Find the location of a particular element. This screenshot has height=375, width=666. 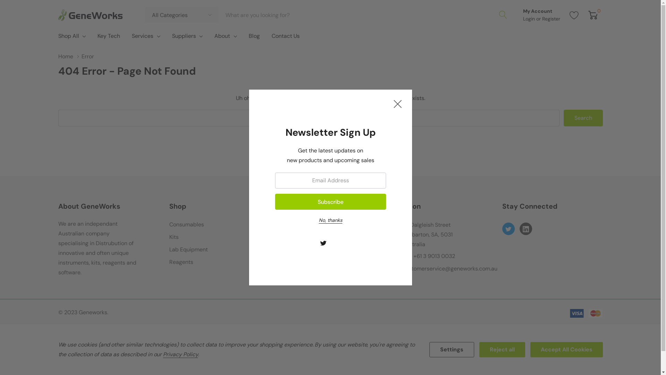

'Open Linkedin in a new tab' is located at coordinates (526, 229).